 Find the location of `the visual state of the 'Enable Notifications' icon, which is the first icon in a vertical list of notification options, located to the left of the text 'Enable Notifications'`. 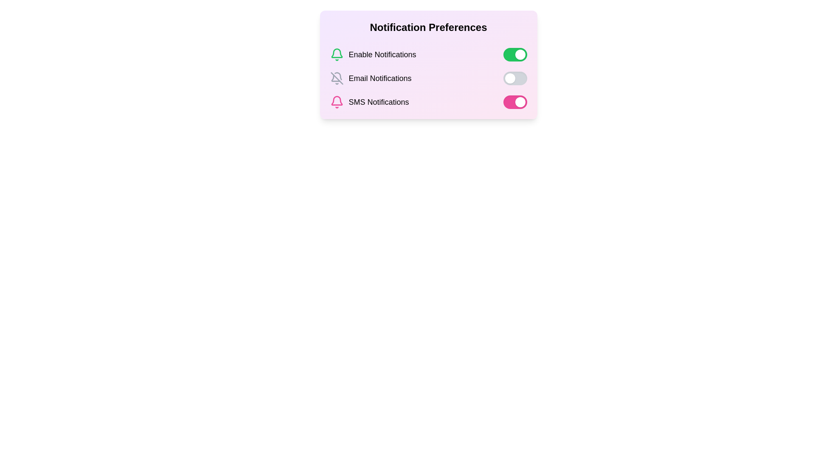

the visual state of the 'Enable Notifications' icon, which is the first icon in a vertical list of notification options, located to the left of the text 'Enable Notifications' is located at coordinates (336, 54).